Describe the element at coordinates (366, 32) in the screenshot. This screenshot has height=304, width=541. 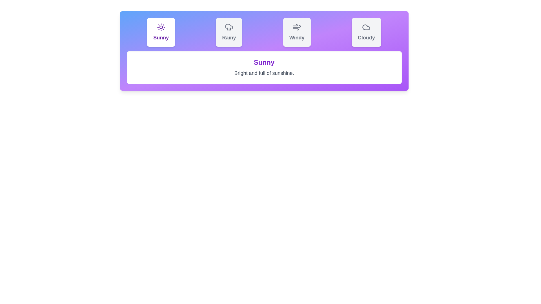
I see `the Cloudy tab to view its weather condition` at that location.